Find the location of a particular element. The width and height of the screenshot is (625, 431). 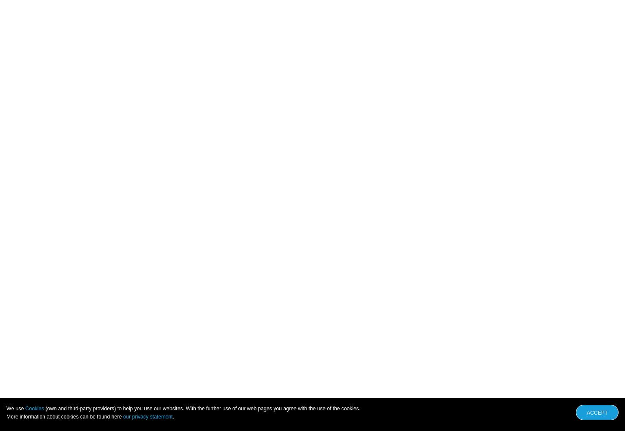

'(own and third-party providers) to help you use our websites. With the further use of our web pages you agree with the use of the cookies.' is located at coordinates (201, 408).